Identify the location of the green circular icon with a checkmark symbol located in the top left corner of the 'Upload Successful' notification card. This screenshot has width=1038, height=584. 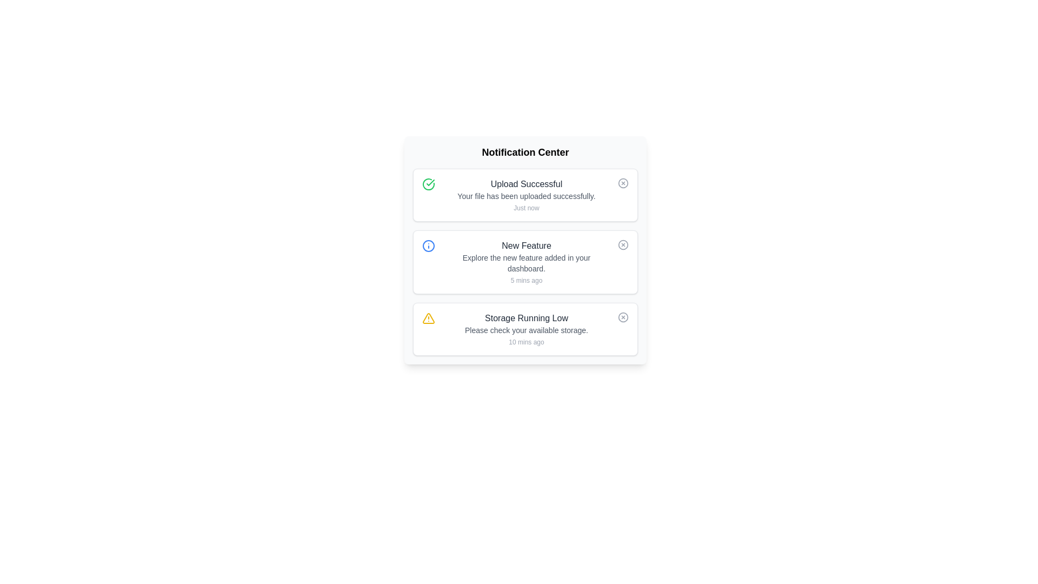
(428, 183).